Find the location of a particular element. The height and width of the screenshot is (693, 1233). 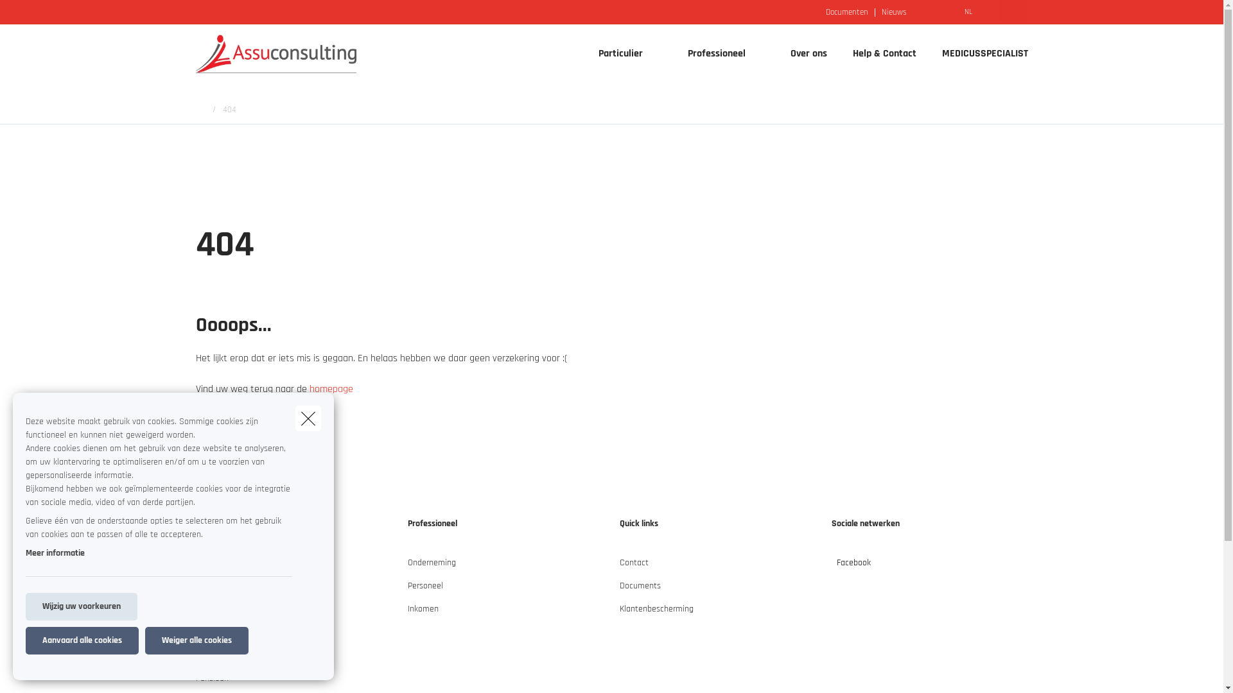

'Klantenbescherming' is located at coordinates (656, 613).